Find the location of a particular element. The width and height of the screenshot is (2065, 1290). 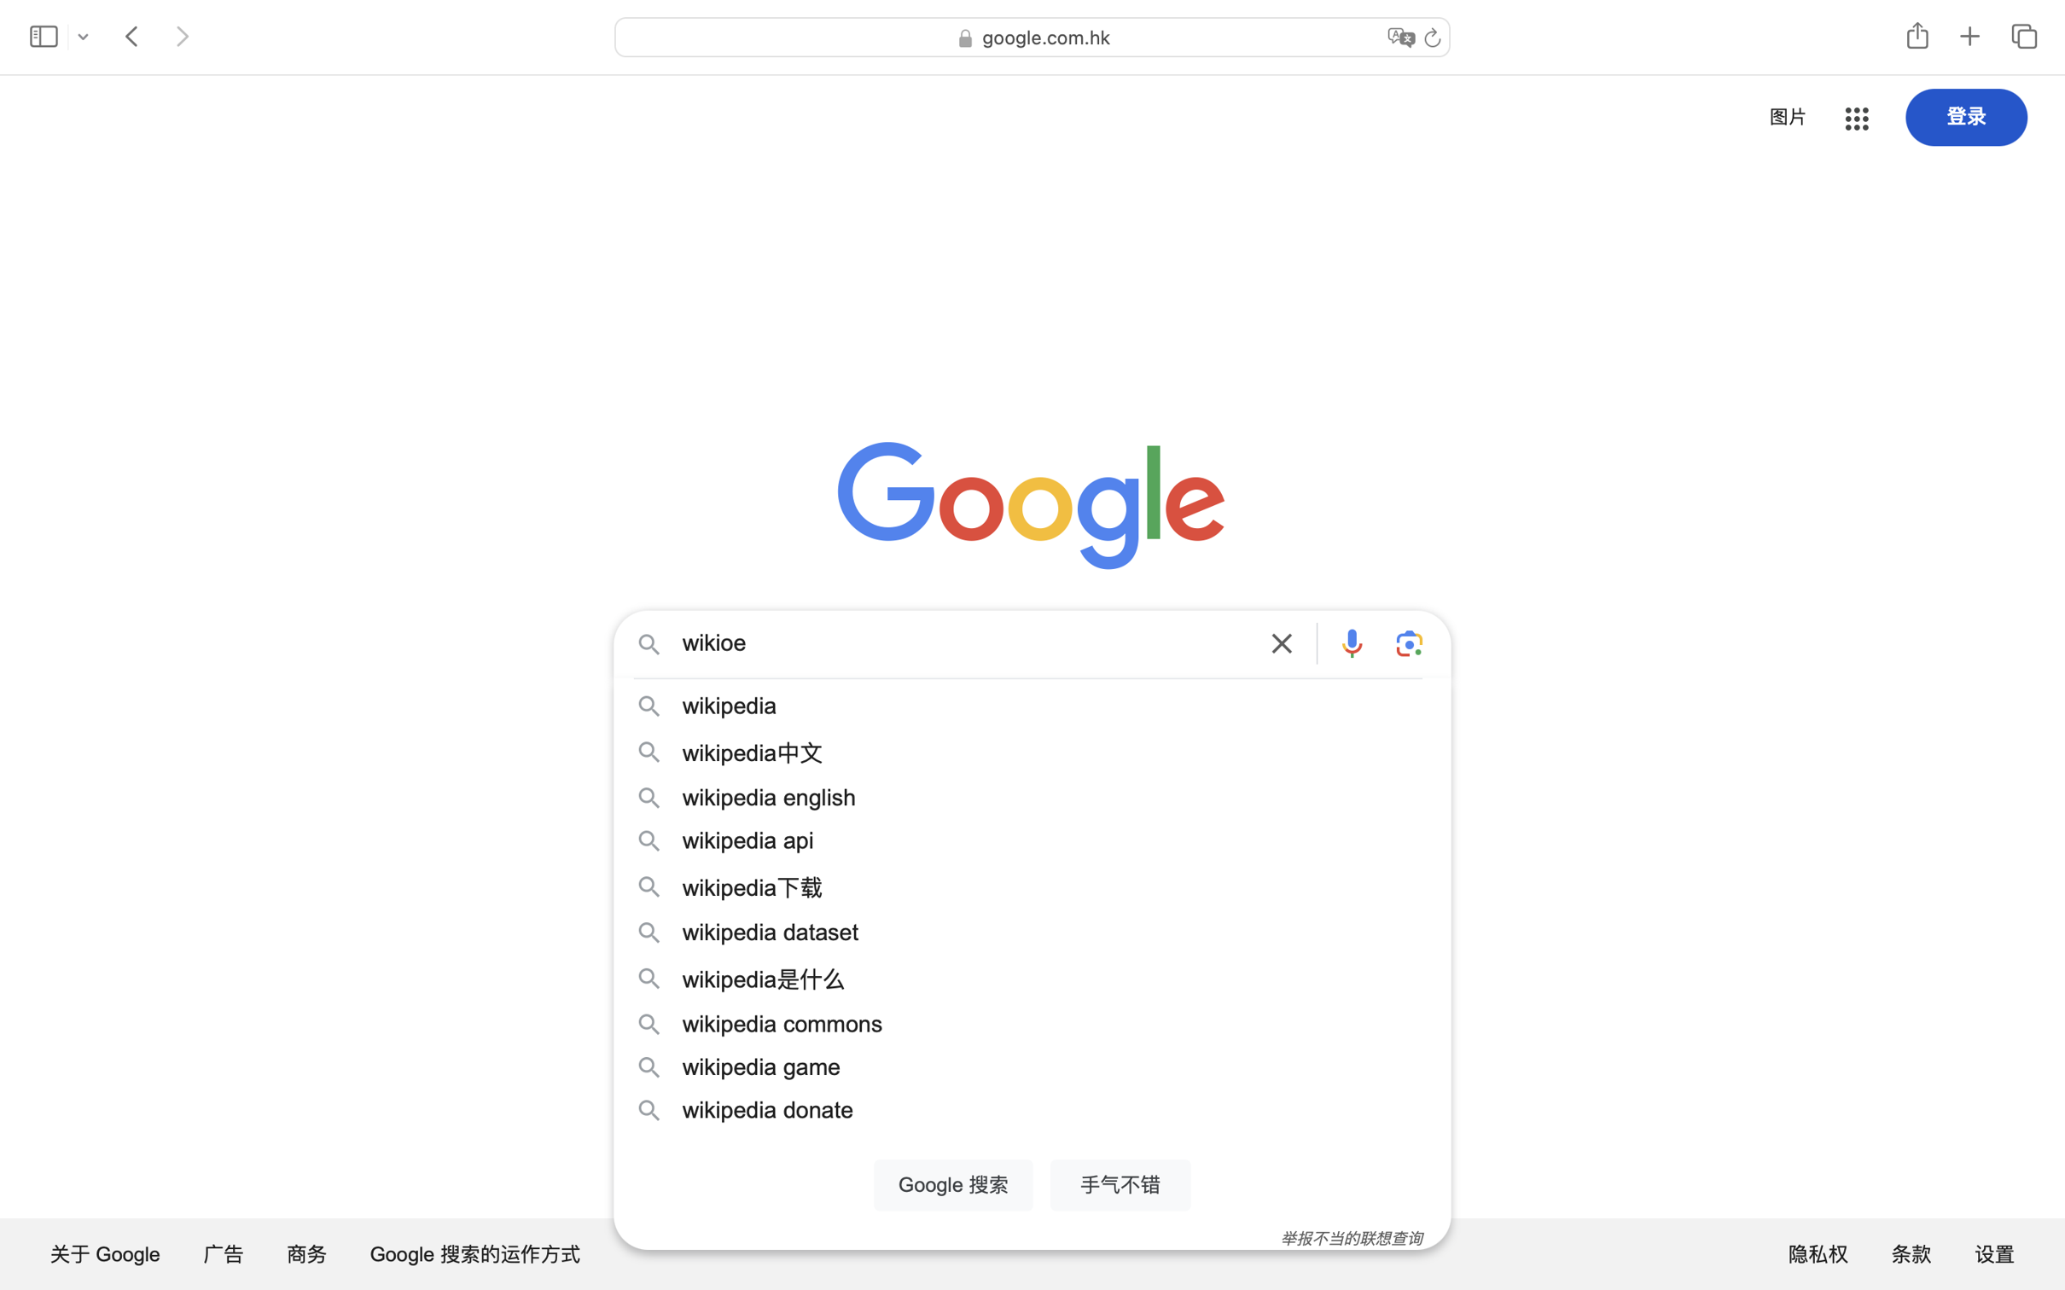

'Google 搜索的运作方式' is located at coordinates (475, 1252).